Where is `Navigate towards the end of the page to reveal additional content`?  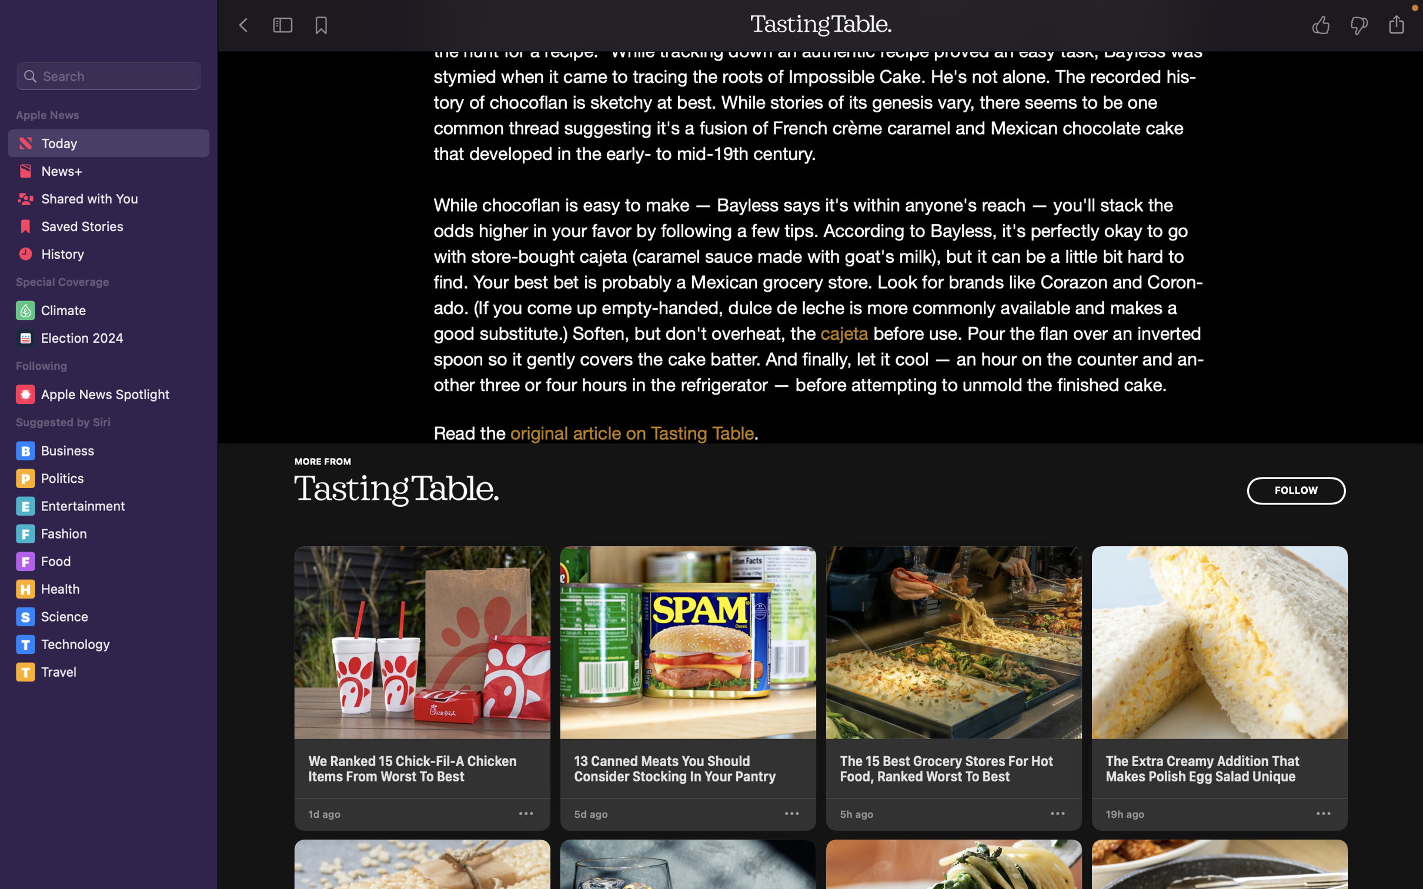 Navigate towards the end of the page to reveal additional content is located at coordinates (2362180, 848550).